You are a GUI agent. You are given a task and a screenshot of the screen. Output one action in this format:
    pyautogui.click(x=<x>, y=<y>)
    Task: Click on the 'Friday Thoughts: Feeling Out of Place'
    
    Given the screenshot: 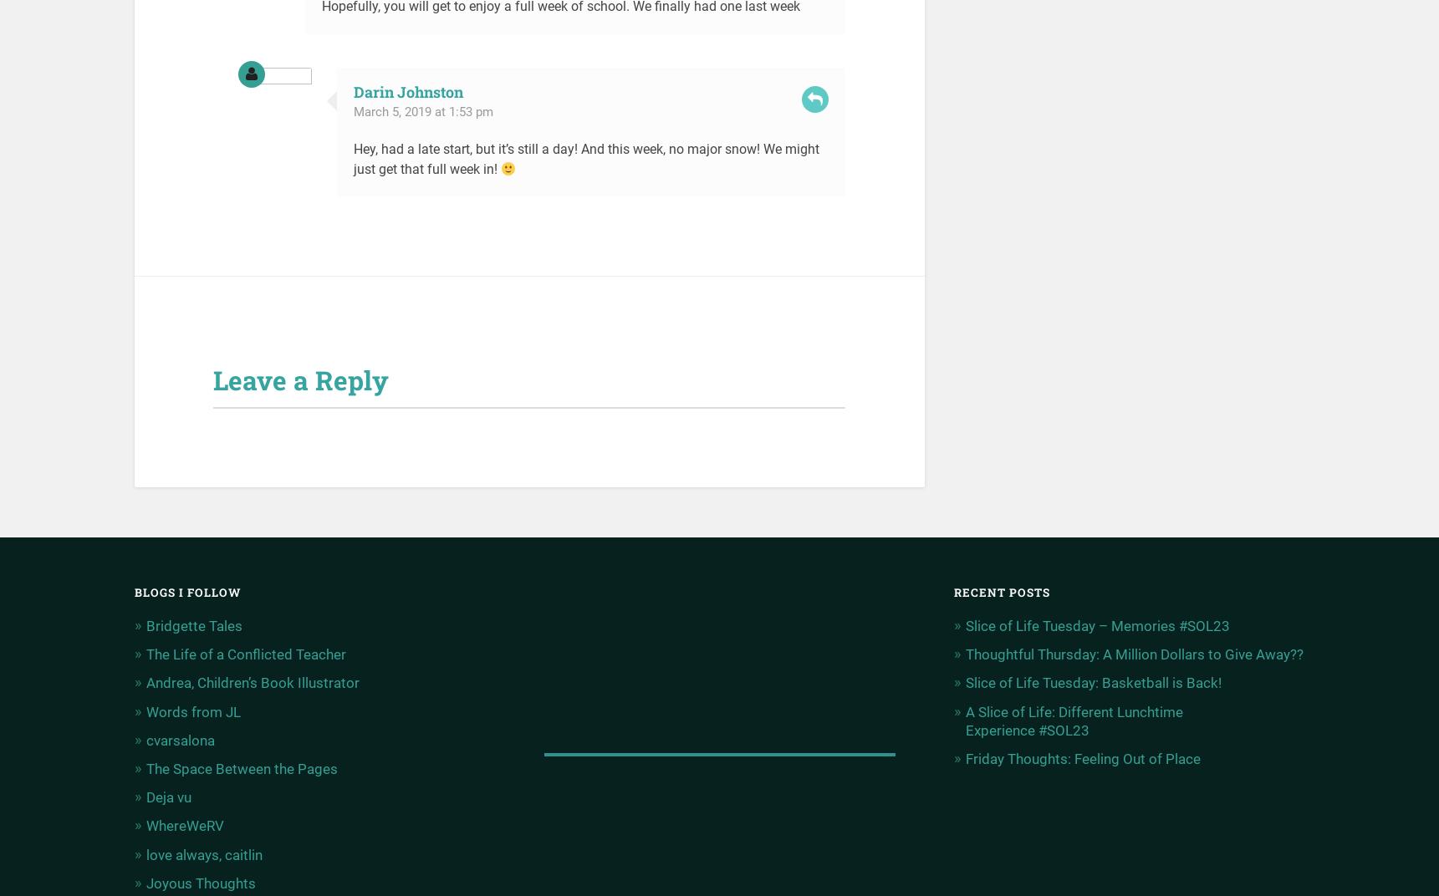 What is the action you would take?
    pyautogui.click(x=1082, y=758)
    